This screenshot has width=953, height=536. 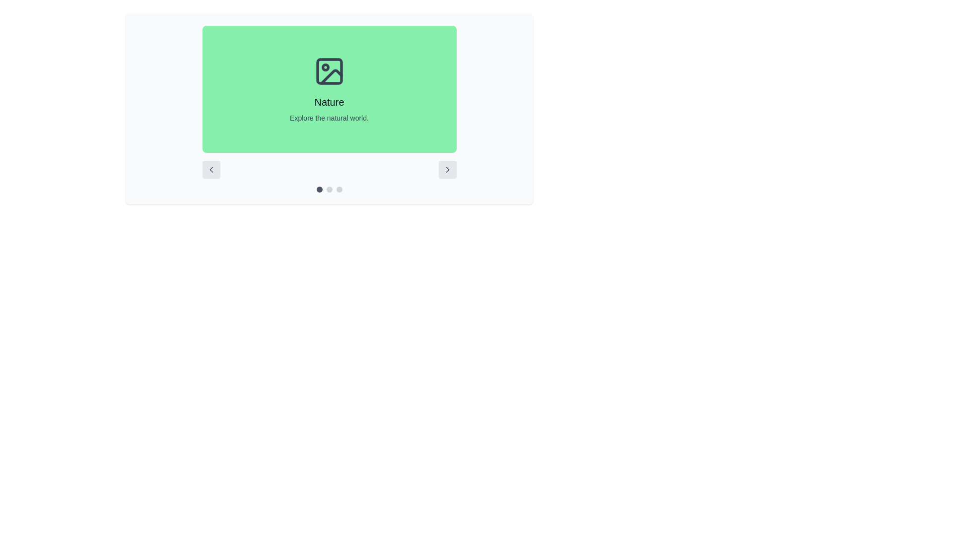 I want to click on the text label displaying 'Explore the natural world.' which is styled with a gray color on a green background, located below the 'Nature' text, so click(x=329, y=118).